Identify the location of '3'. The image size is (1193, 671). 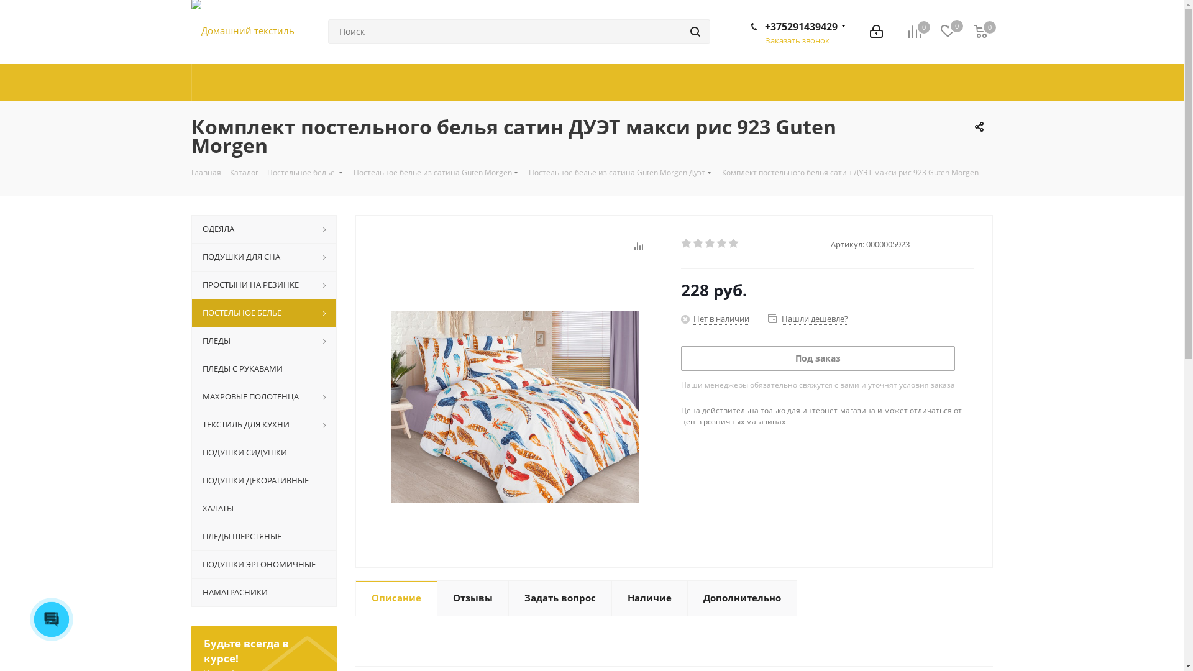
(710, 244).